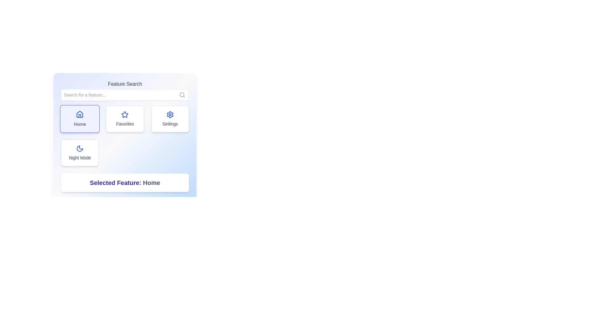 The width and height of the screenshot is (592, 333). I want to click on the 'Night Mode' icon located at the top-left corner of the card, so click(80, 149).